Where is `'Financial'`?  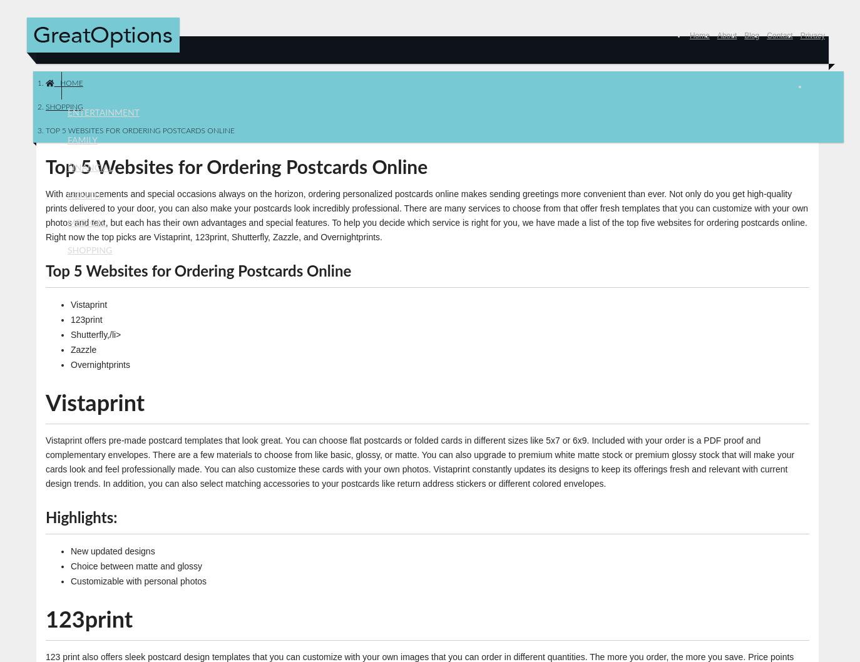
'Financial' is located at coordinates (89, 168).